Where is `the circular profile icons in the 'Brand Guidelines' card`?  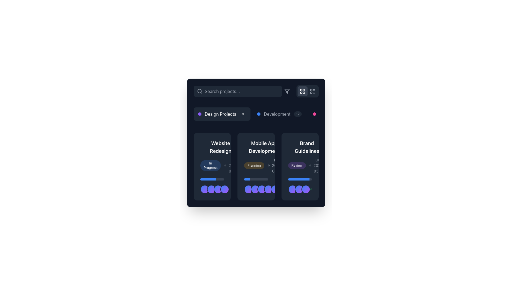
the circular profile icons in the 'Brand Guidelines' card is located at coordinates (300, 186).